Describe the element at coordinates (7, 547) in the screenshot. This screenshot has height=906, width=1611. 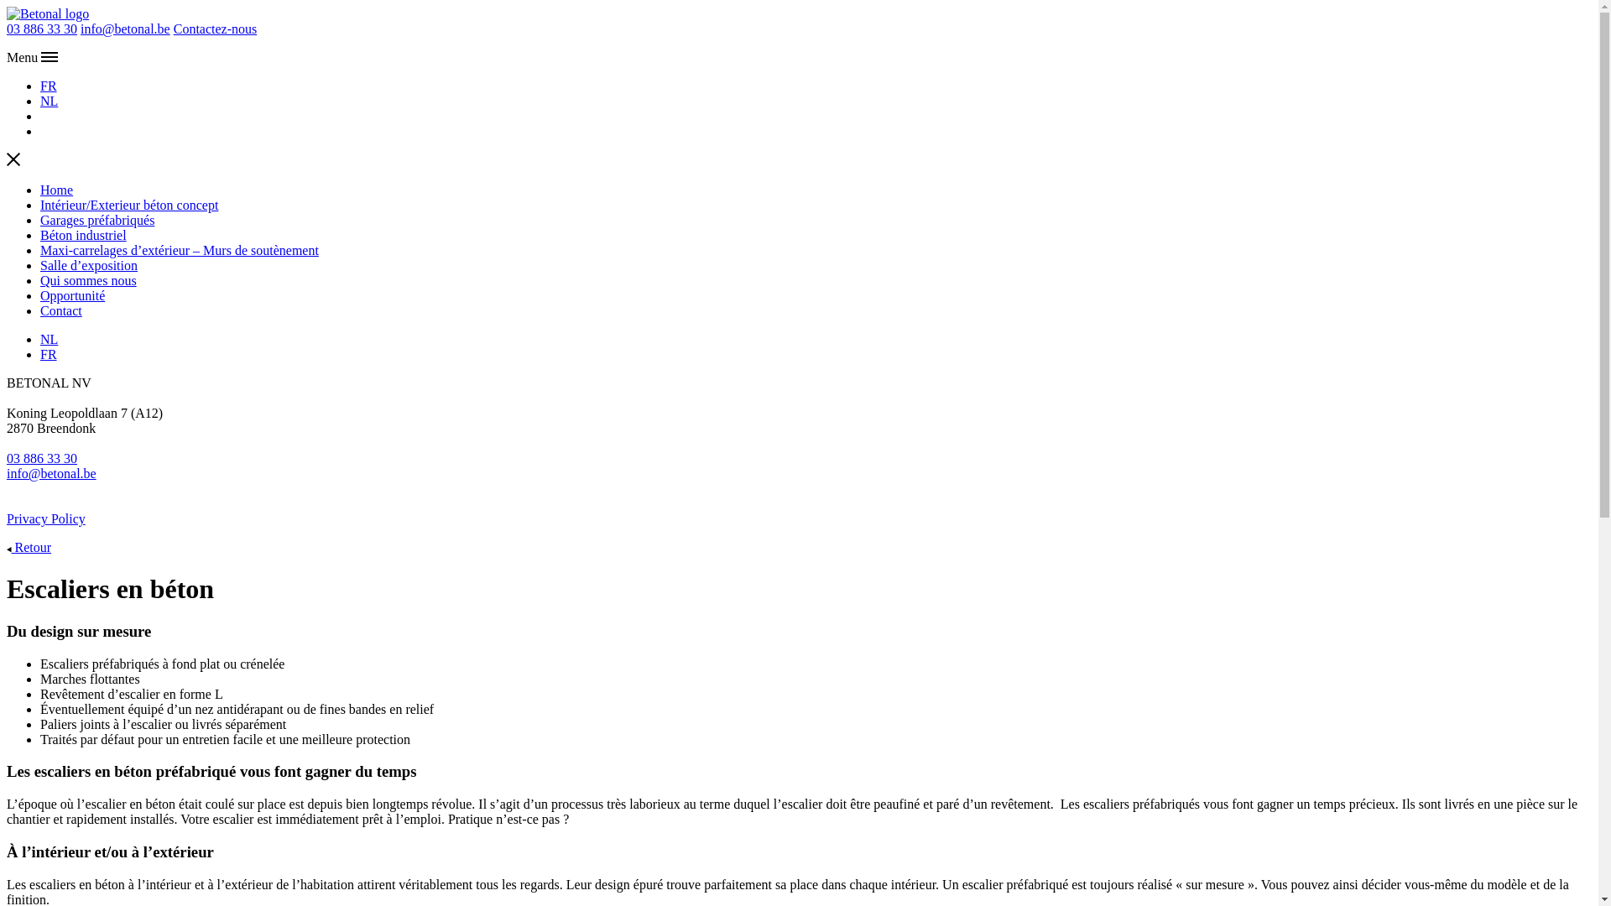
I see `'Retour'` at that location.